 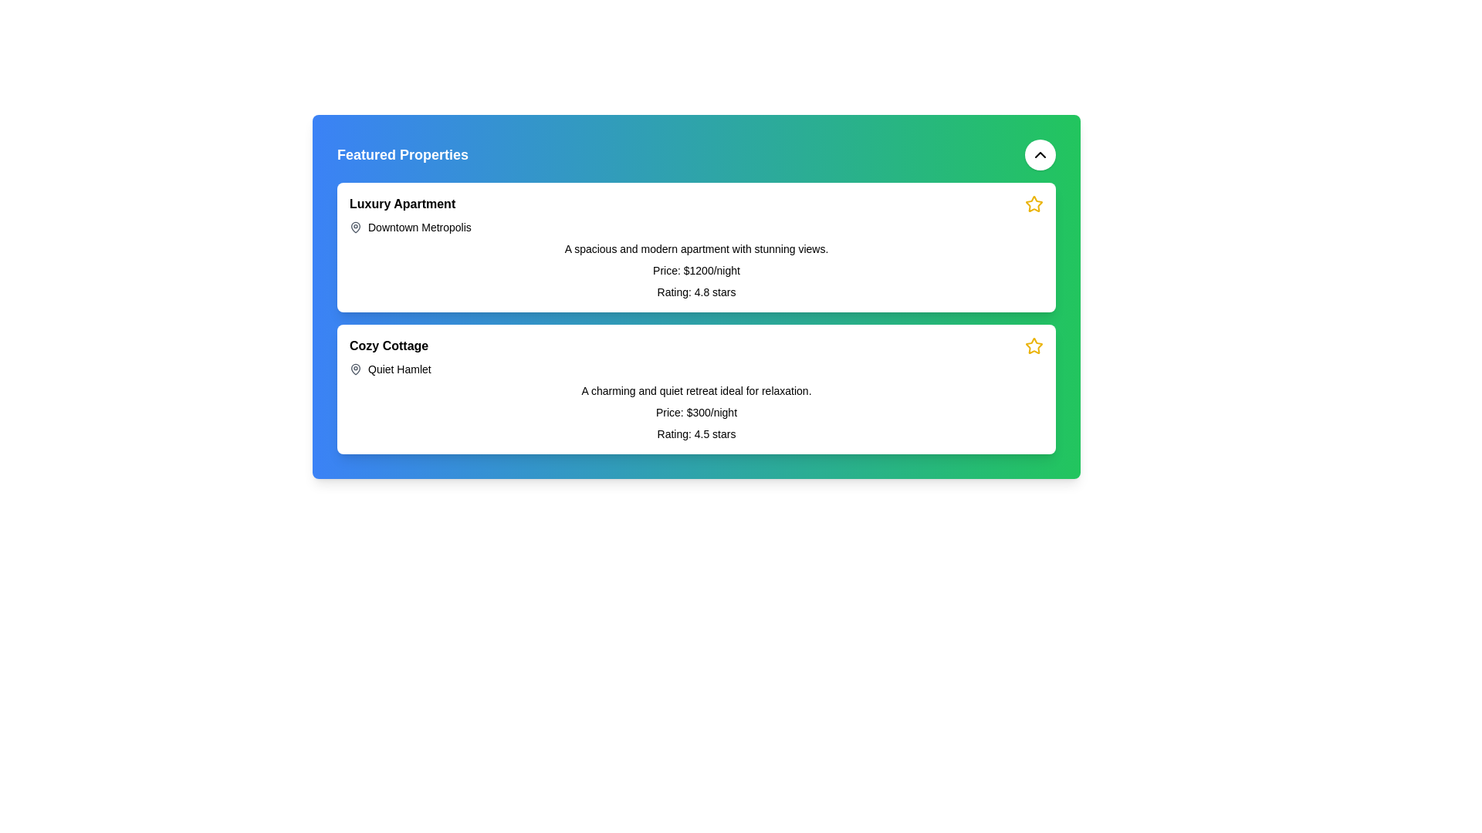 I want to click on the text label displaying 'Rating: 4.5 stars' located within the 'Cozy Cottage' card, positioned at the bottom and centered within the card, so click(x=695, y=434).